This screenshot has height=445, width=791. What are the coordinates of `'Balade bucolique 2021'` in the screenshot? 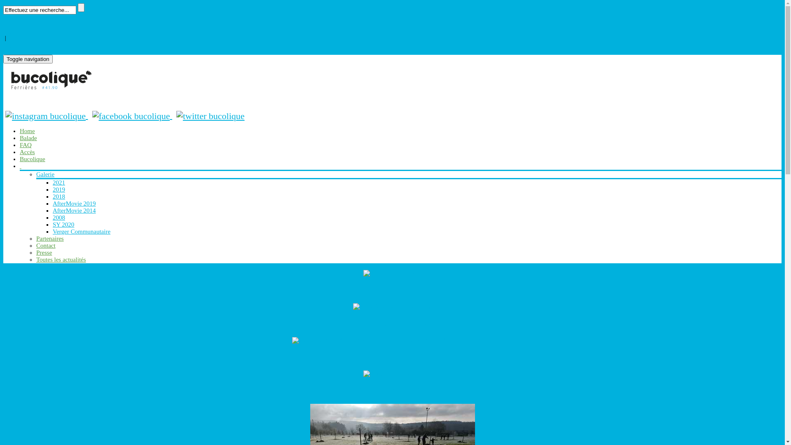 It's located at (392, 273).